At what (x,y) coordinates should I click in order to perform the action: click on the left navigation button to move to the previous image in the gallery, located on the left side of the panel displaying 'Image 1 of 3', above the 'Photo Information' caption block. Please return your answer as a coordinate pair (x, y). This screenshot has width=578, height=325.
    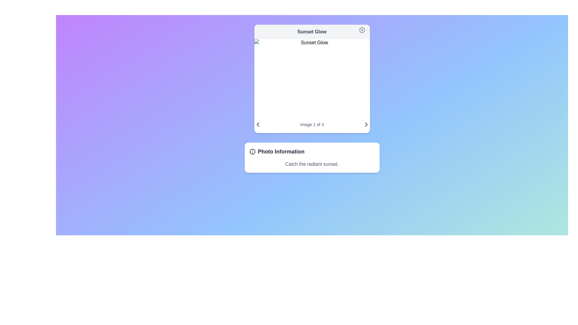
    Looking at the image, I should click on (258, 124).